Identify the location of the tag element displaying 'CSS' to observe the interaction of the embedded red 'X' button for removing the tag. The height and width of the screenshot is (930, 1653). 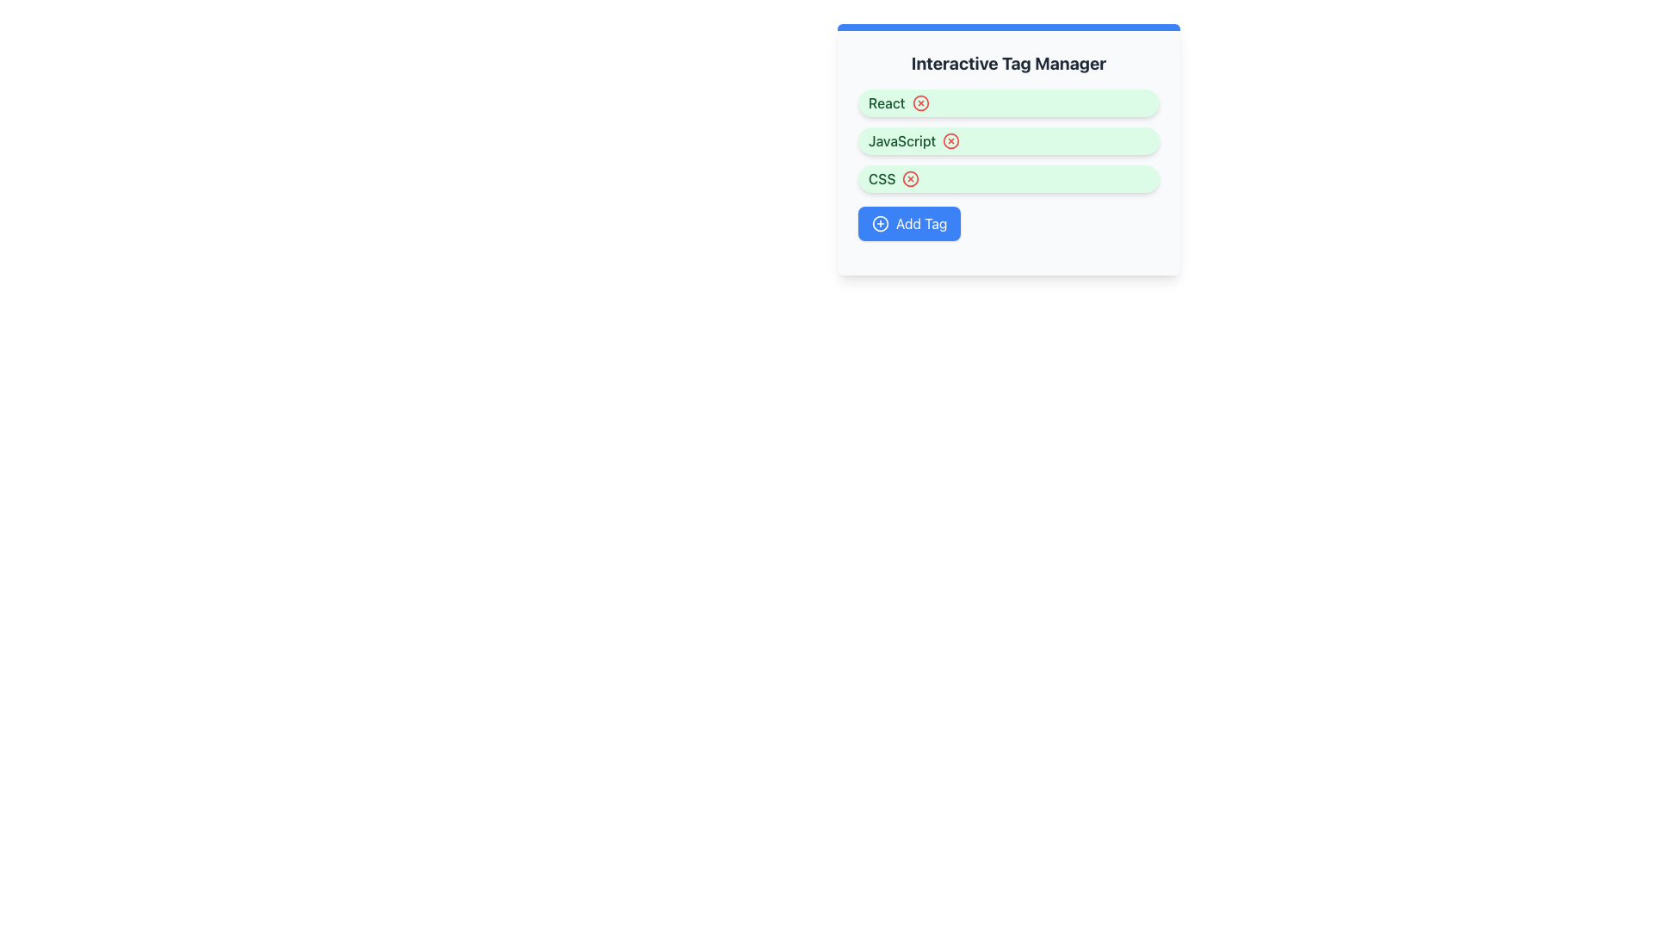
(1008, 179).